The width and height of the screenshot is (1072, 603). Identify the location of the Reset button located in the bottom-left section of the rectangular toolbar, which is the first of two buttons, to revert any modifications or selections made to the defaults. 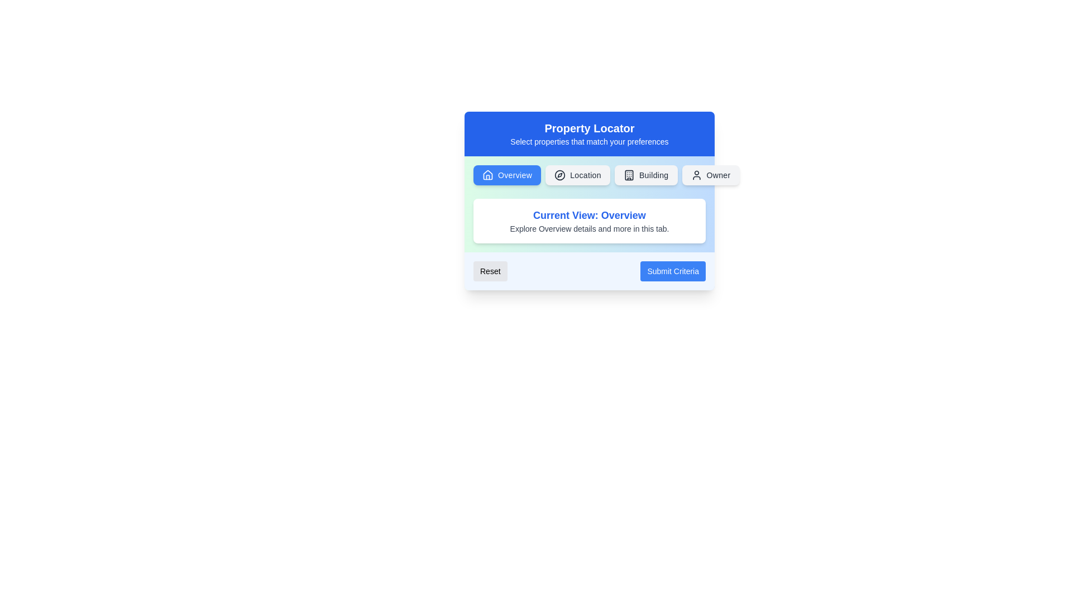
(490, 271).